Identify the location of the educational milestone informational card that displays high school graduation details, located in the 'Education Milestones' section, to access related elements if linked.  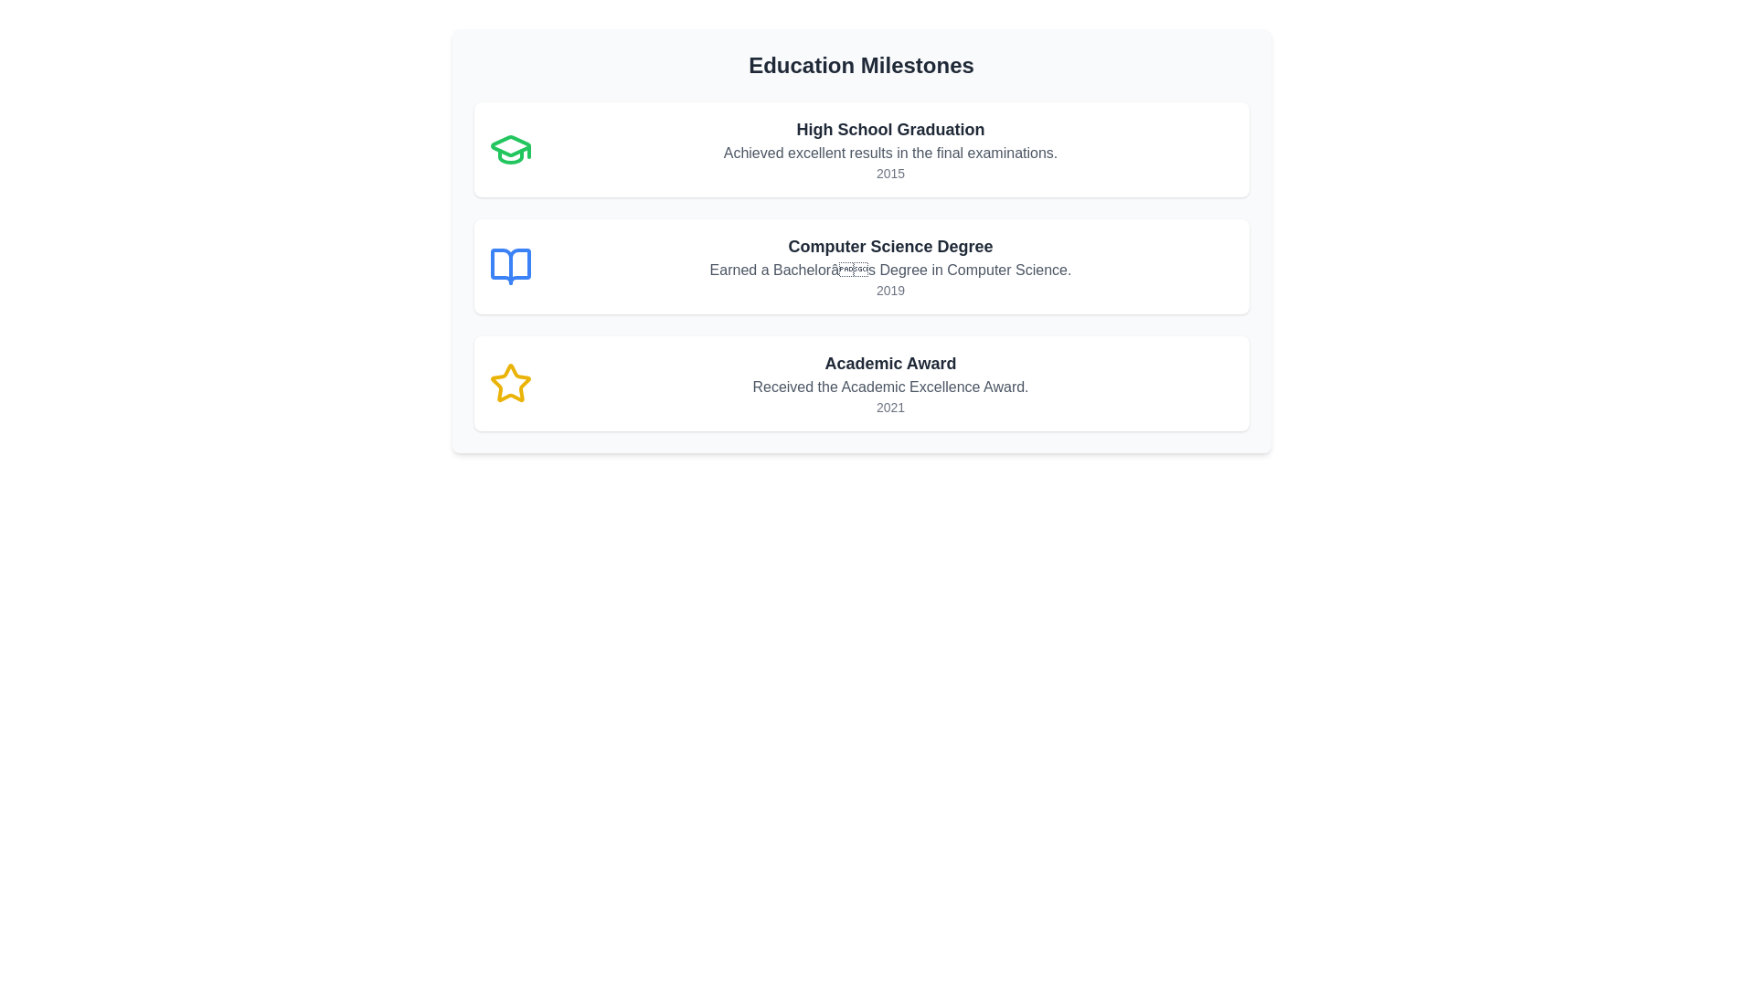
(860, 149).